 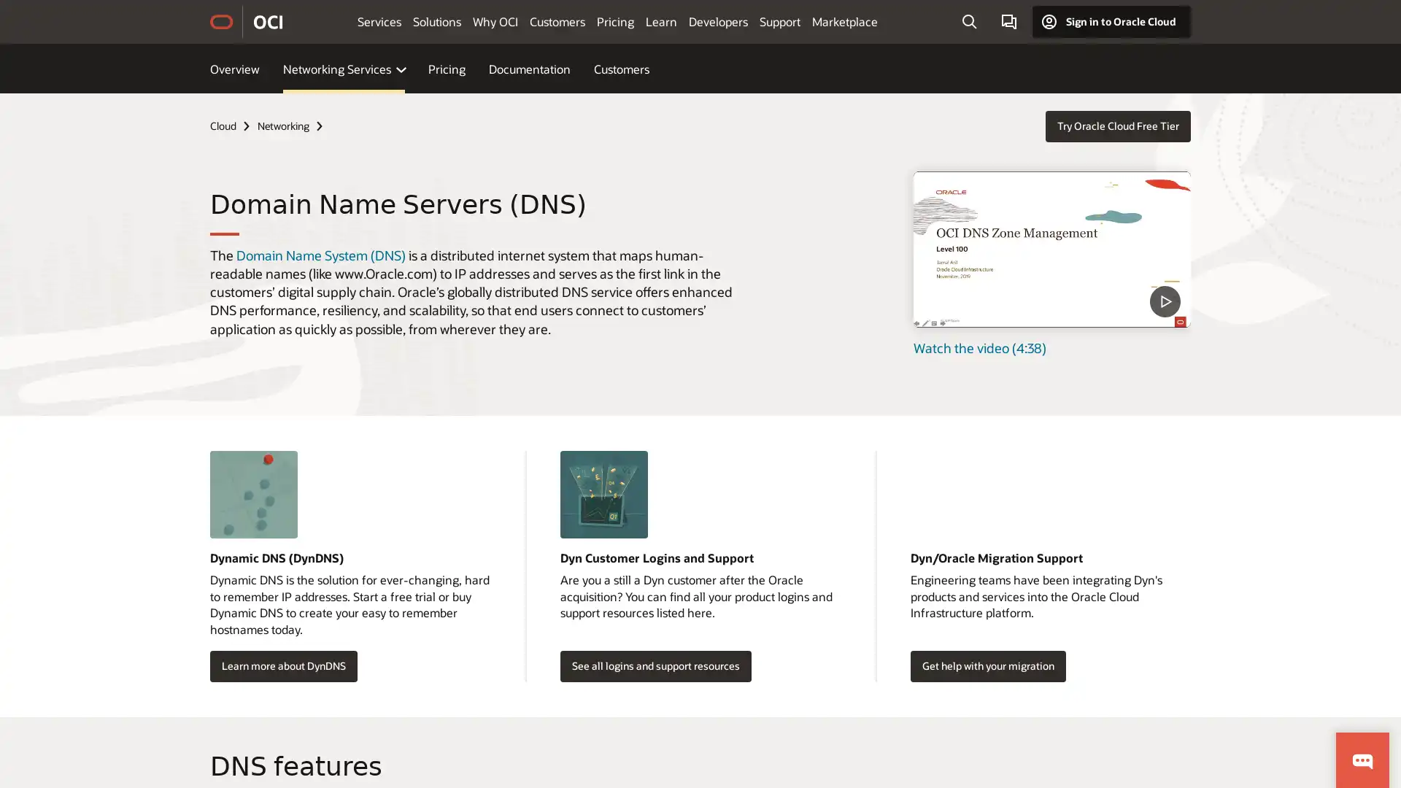 What do you see at coordinates (436, 21) in the screenshot?
I see `Solutions` at bounding box center [436, 21].